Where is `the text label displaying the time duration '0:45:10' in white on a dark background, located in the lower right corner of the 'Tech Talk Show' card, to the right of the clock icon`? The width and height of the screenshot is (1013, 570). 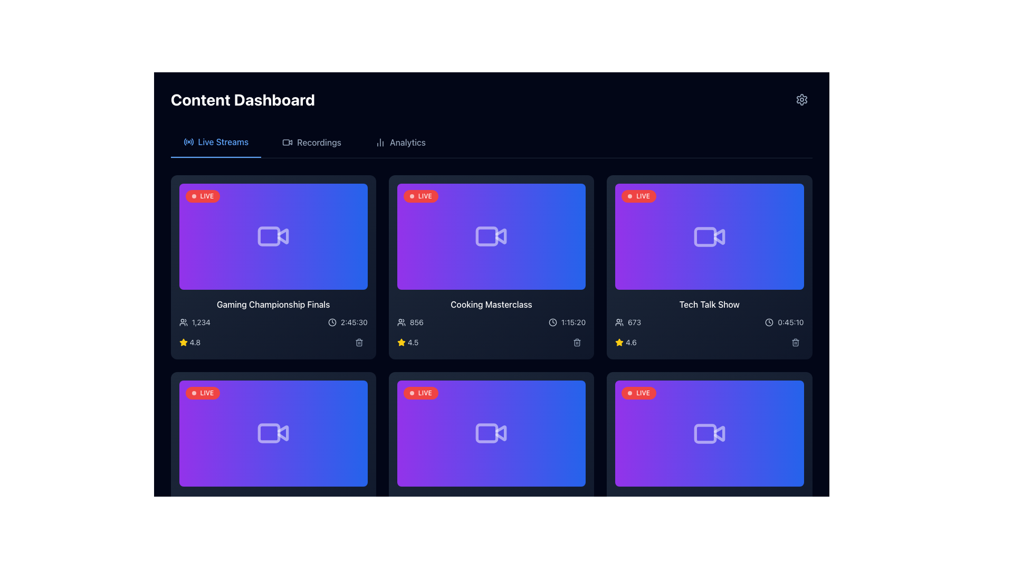
the text label displaying the time duration '0:45:10' in white on a dark background, located in the lower right corner of the 'Tech Talk Show' card, to the right of the clock icon is located at coordinates (790, 321).